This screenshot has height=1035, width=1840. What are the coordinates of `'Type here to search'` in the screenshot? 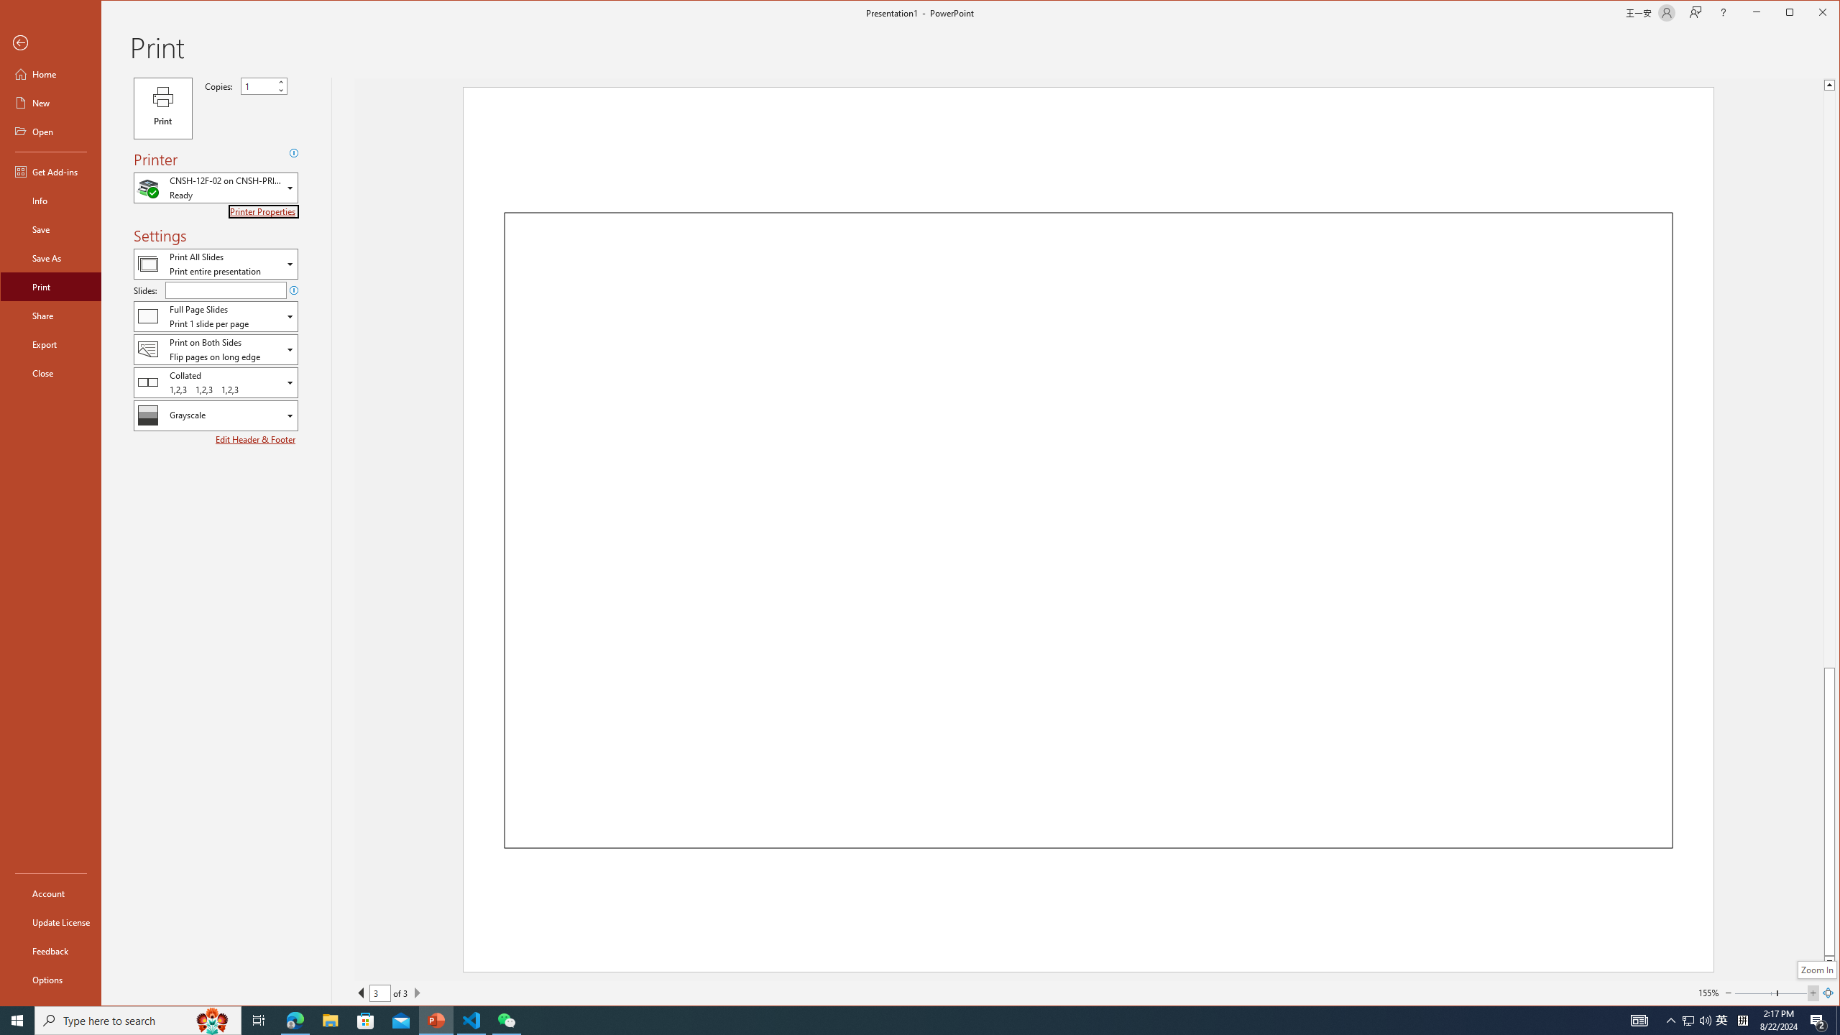 It's located at (137, 1019).